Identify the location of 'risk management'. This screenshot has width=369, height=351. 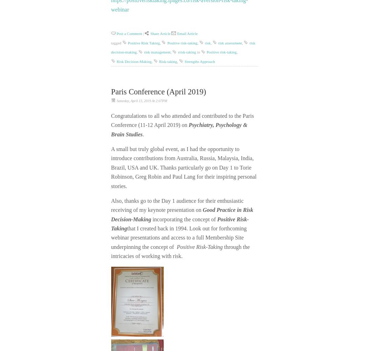
(157, 51).